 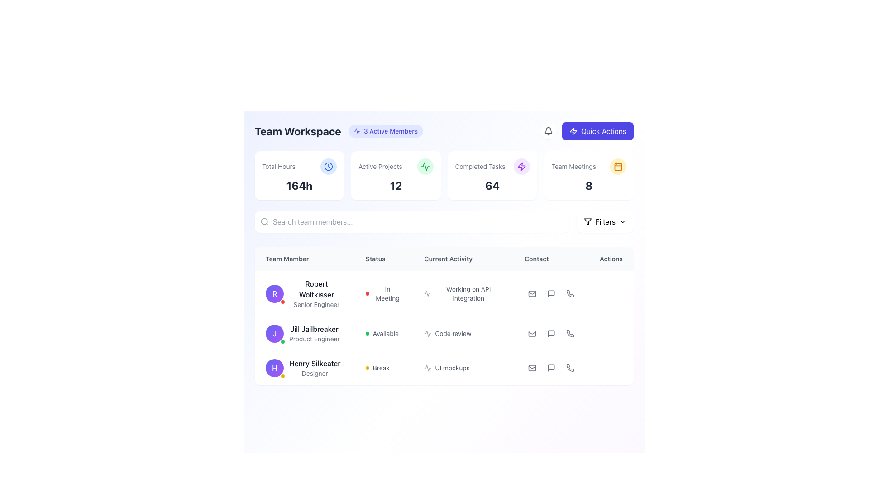 I want to click on the text within the user profile block that displays the name and role of the team member, located in the first entry of the 'Team Member' column in the team workspace interface, so click(x=305, y=293).